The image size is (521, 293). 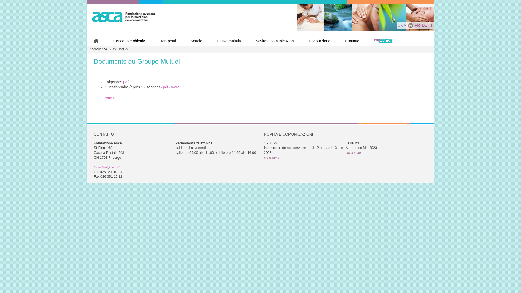 What do you see at coordinates (196, 41) in the screenshot?
I see `'Scuole'` at bounding box center [196, 41].